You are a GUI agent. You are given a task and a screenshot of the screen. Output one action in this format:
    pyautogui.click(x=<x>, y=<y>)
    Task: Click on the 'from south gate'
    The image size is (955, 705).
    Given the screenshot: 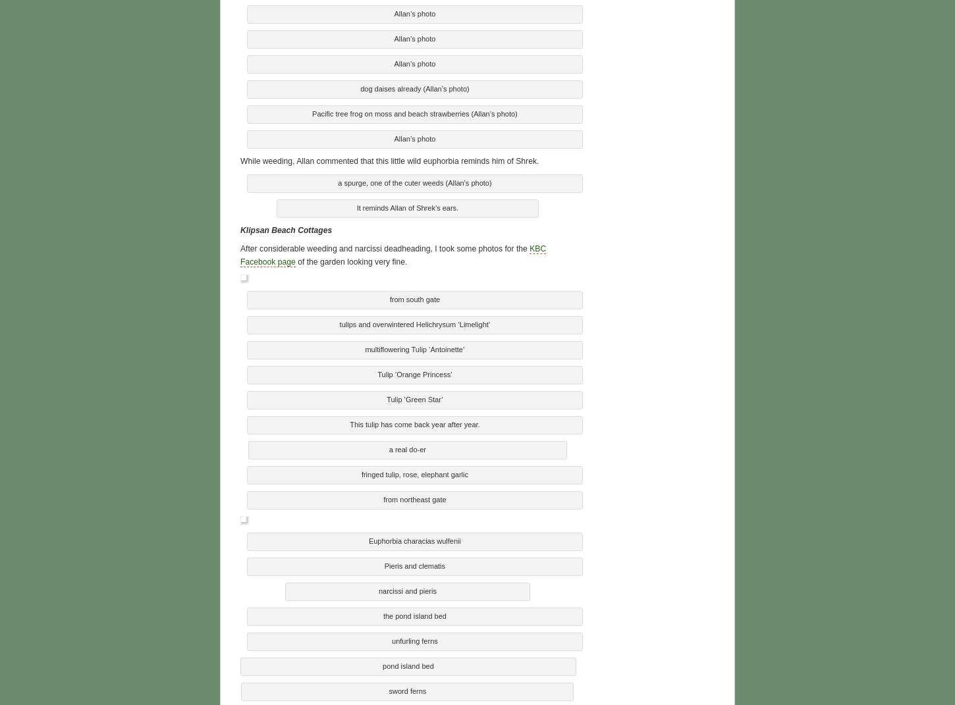 What is the action you would take?
    pyautogui.click(x=389, y=297)
    